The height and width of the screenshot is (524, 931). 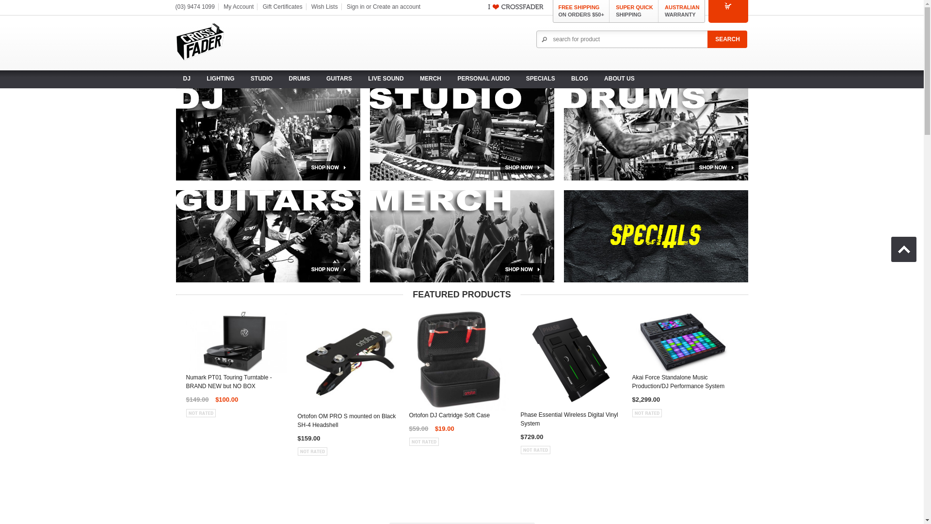 I want to click on 'Ortofon DJ Cartridge Soft Case', so click(x=409, y=417).